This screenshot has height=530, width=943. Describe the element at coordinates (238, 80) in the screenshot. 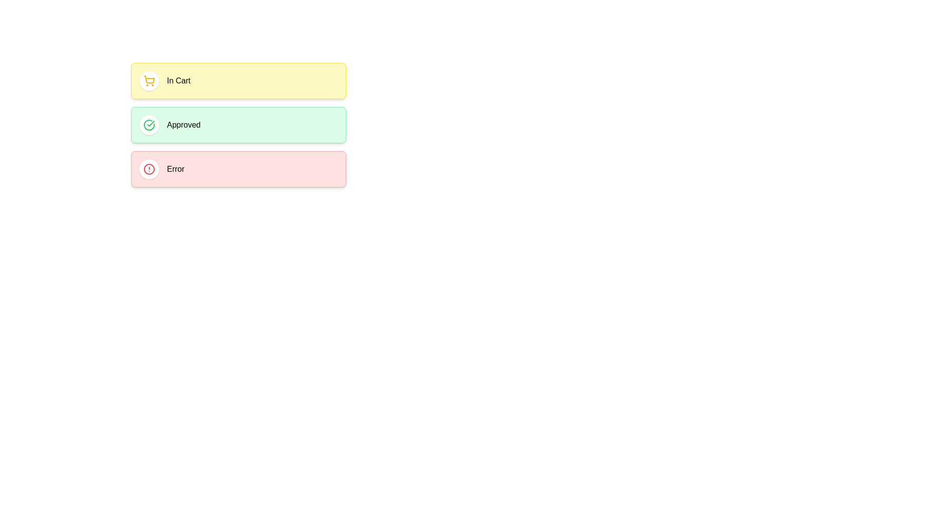

I see `the Information card or status indicator panel that indicates the item is in the shopping cart, which is the first item in a vertical list, located above 'Approved' and 'Error'` at that location.